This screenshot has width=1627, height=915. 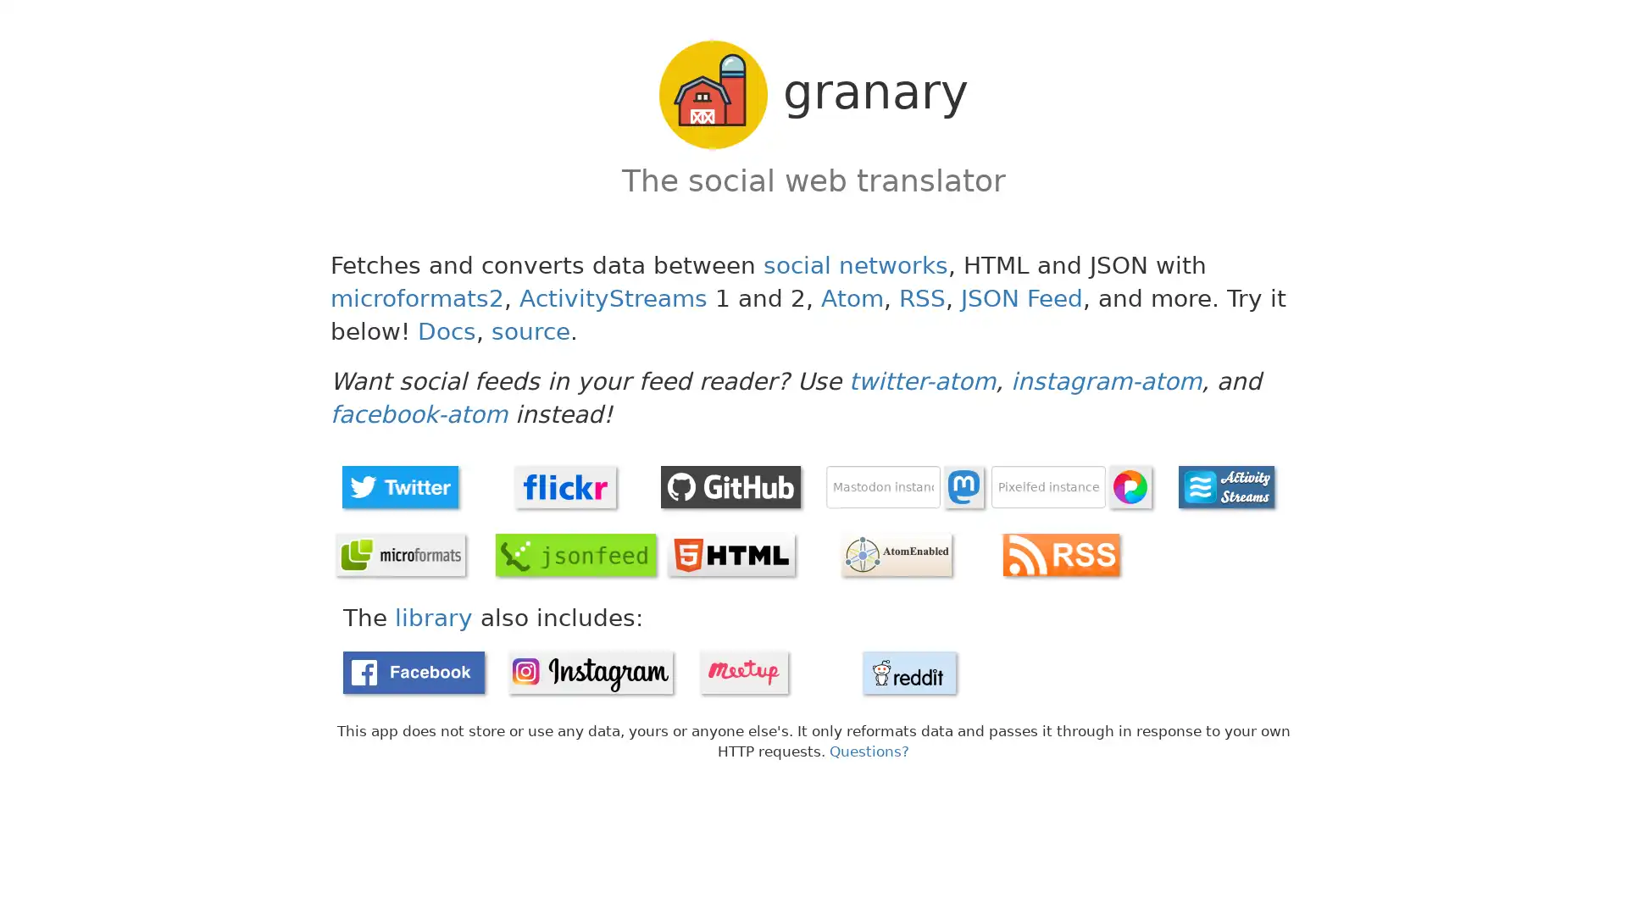 I want to click on Mastodon, so click(x=963, y=486).